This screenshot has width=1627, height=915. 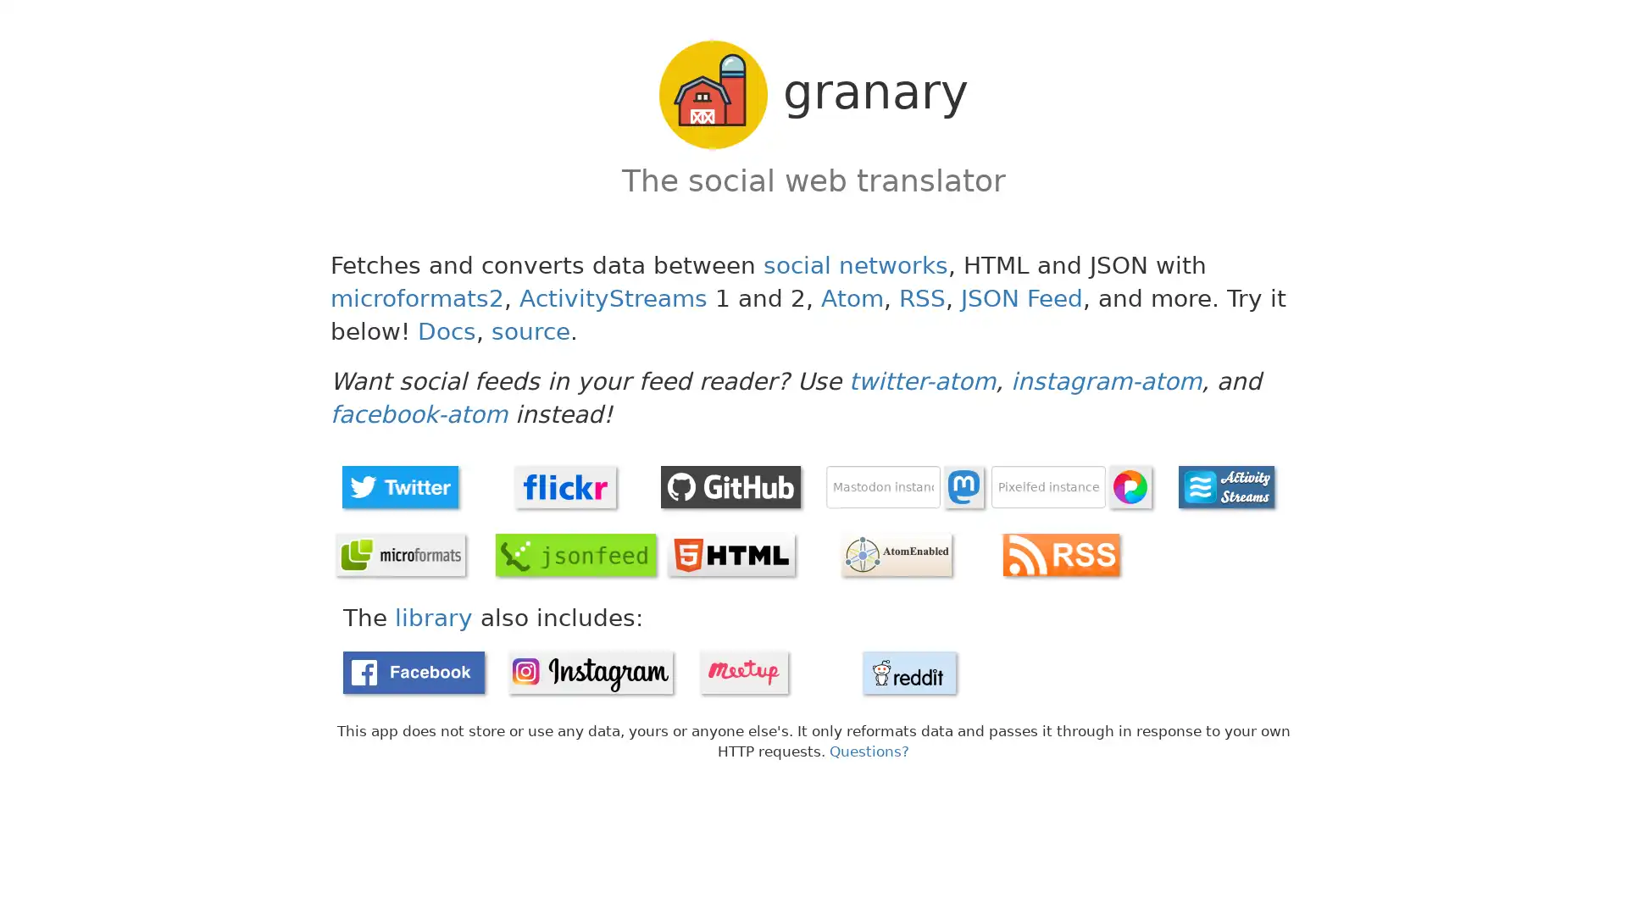 I want to click on Mastodon, so click(x=963, y=486).